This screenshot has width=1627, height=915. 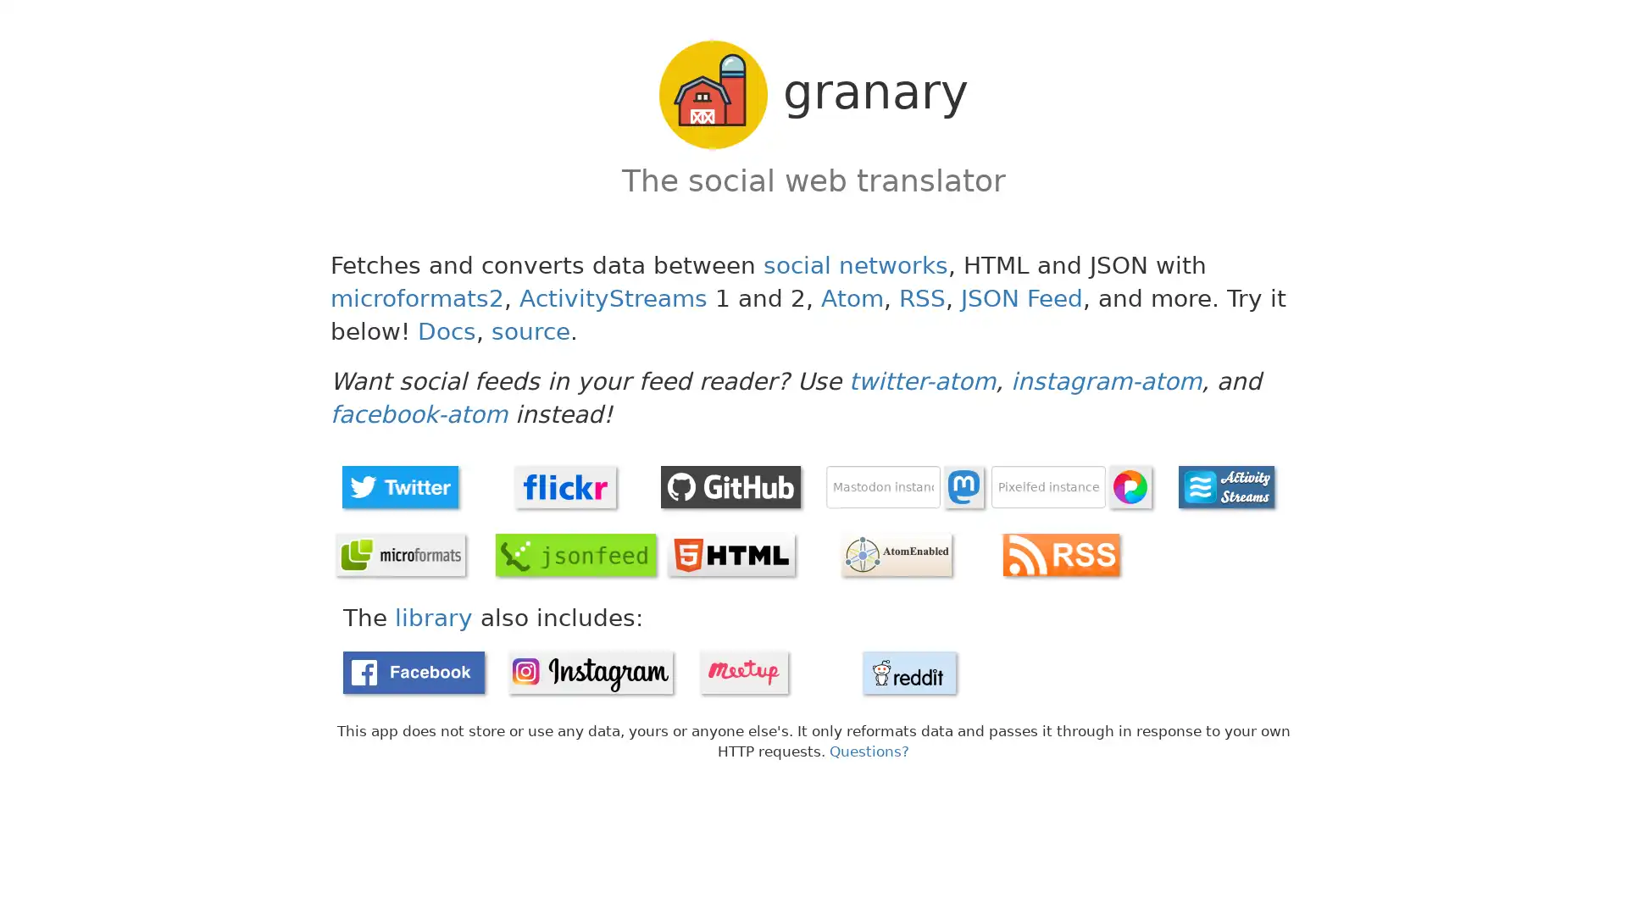 I want to click on Mastodon, so click(x=963, y=486).